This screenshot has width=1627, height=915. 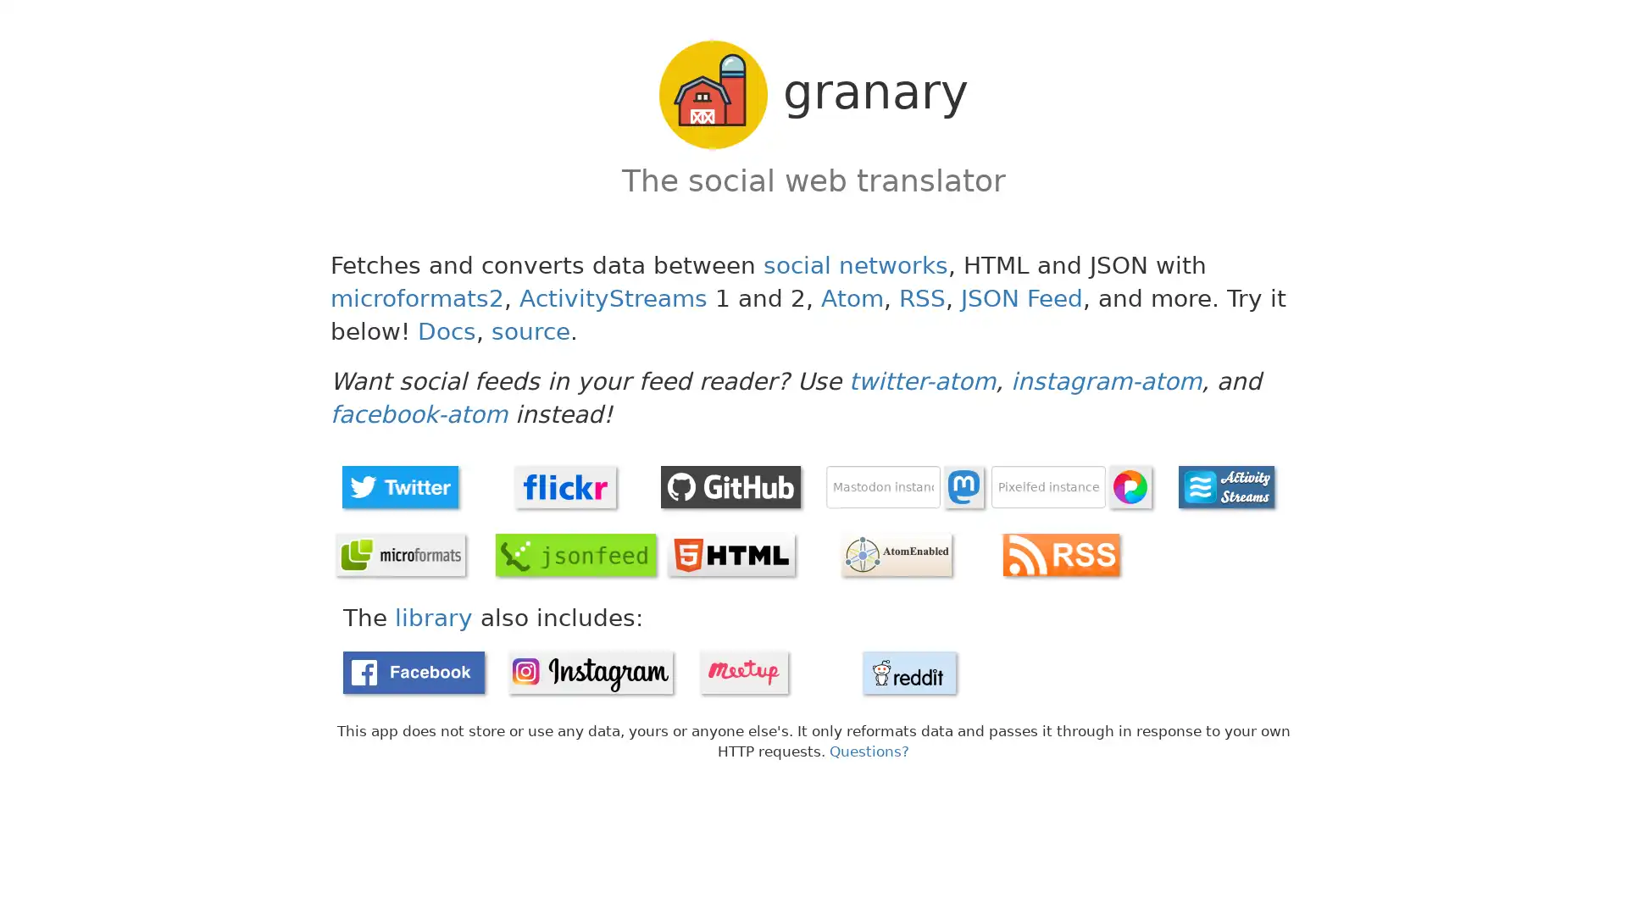 I want to click on Mastodon, so click(x=963, y=486).